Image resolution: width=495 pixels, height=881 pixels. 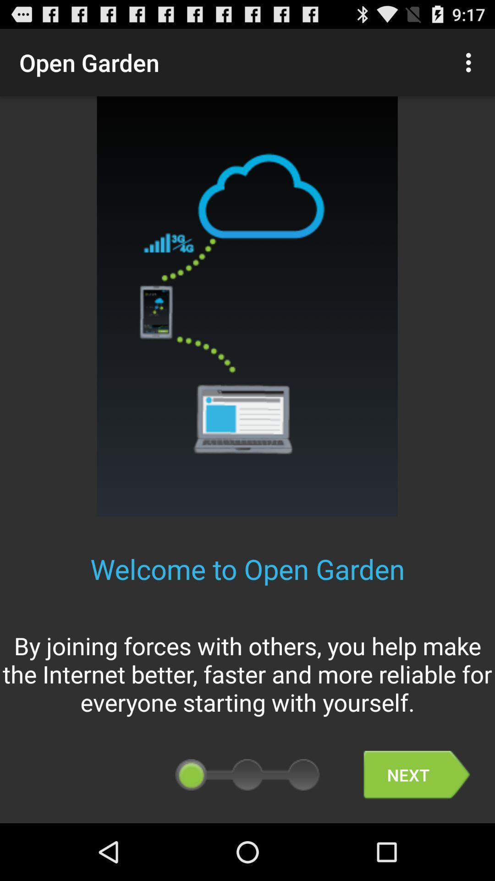 What do you see at coordinates (471, 62) in the screenshot?
I see `the icon above the welcome to open` at bounding box center [471, 62].